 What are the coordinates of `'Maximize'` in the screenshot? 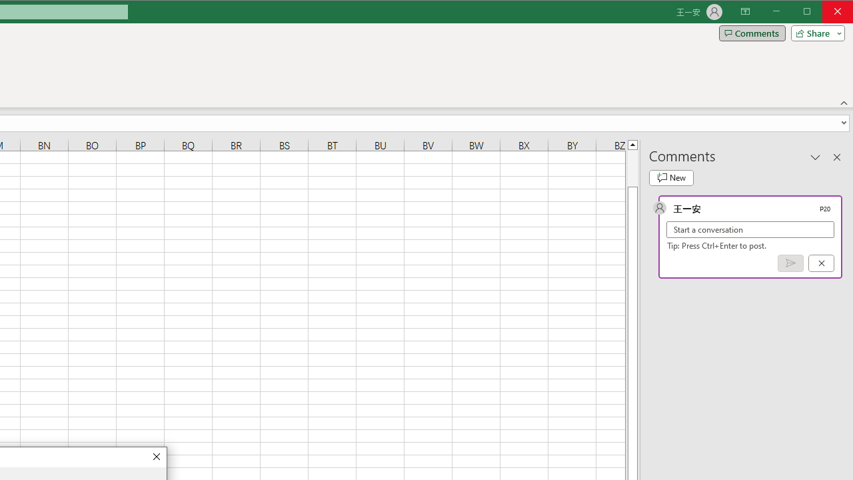 It's located at (825, 13).